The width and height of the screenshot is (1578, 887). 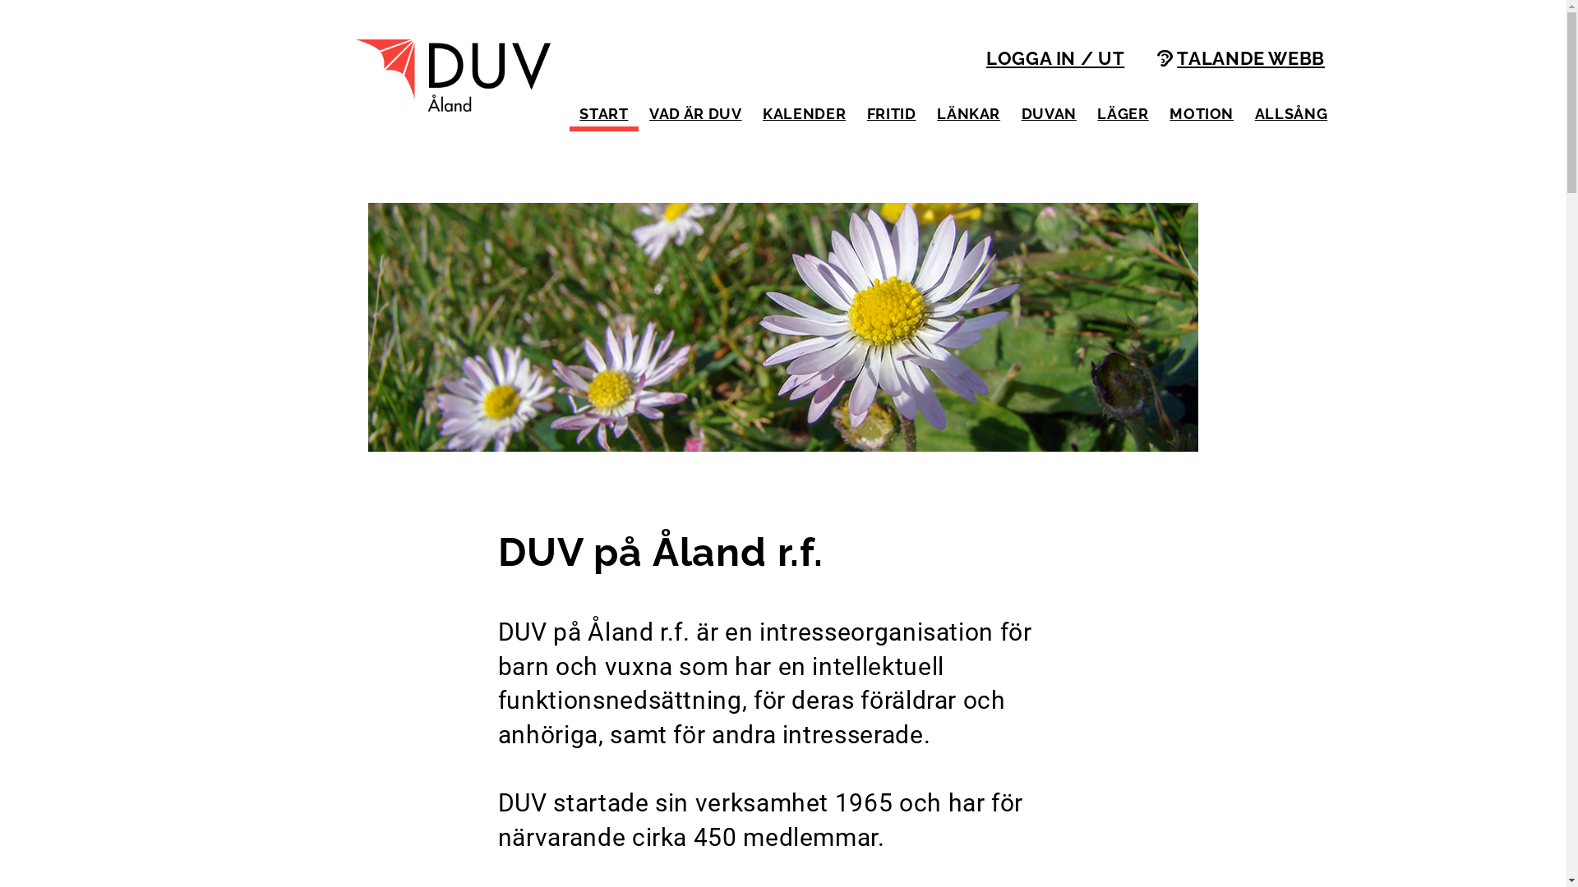 I want to click on 'MOTION', so click(x=1201, y=113).